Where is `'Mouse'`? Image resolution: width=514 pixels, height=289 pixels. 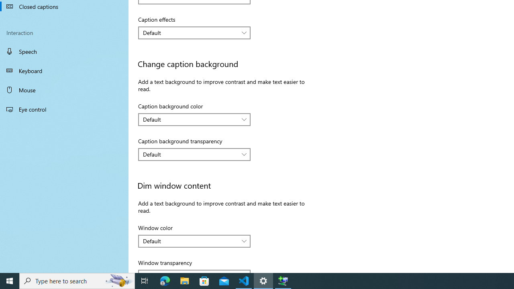 'Mouse' is located at coordinates (64, 90).